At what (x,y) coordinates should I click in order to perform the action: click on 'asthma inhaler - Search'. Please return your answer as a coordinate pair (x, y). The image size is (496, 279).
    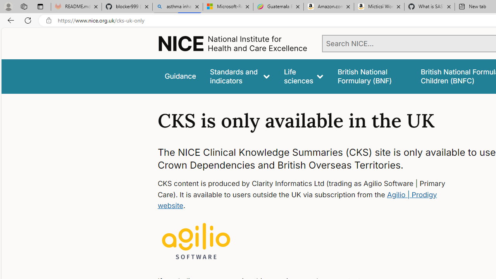
    Looking at the image, I should click on (177, 7).